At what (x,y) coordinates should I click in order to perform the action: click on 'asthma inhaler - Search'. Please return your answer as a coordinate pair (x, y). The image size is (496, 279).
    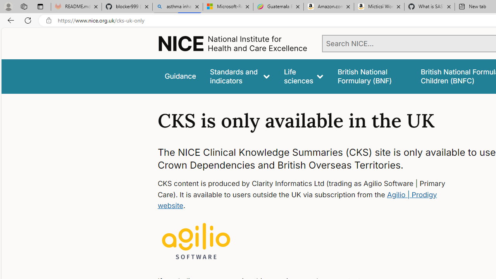
    Looking at the image, I should click on (177, 7).